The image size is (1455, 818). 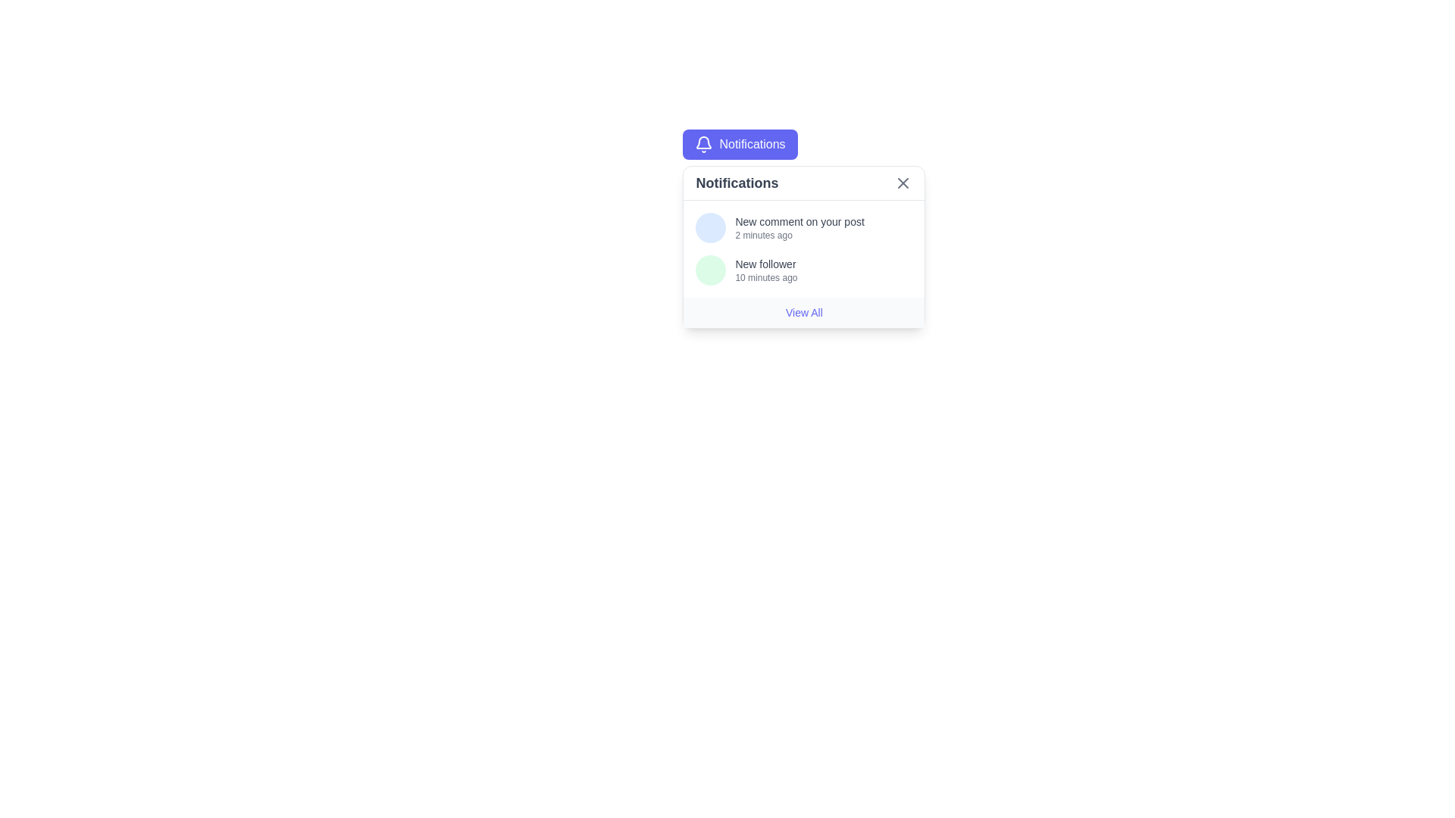 I want to click on the Close button icon located at the top-right corner of the Notifications dropdown interface to enable keyboard interaction, so click(x=903, y=183).